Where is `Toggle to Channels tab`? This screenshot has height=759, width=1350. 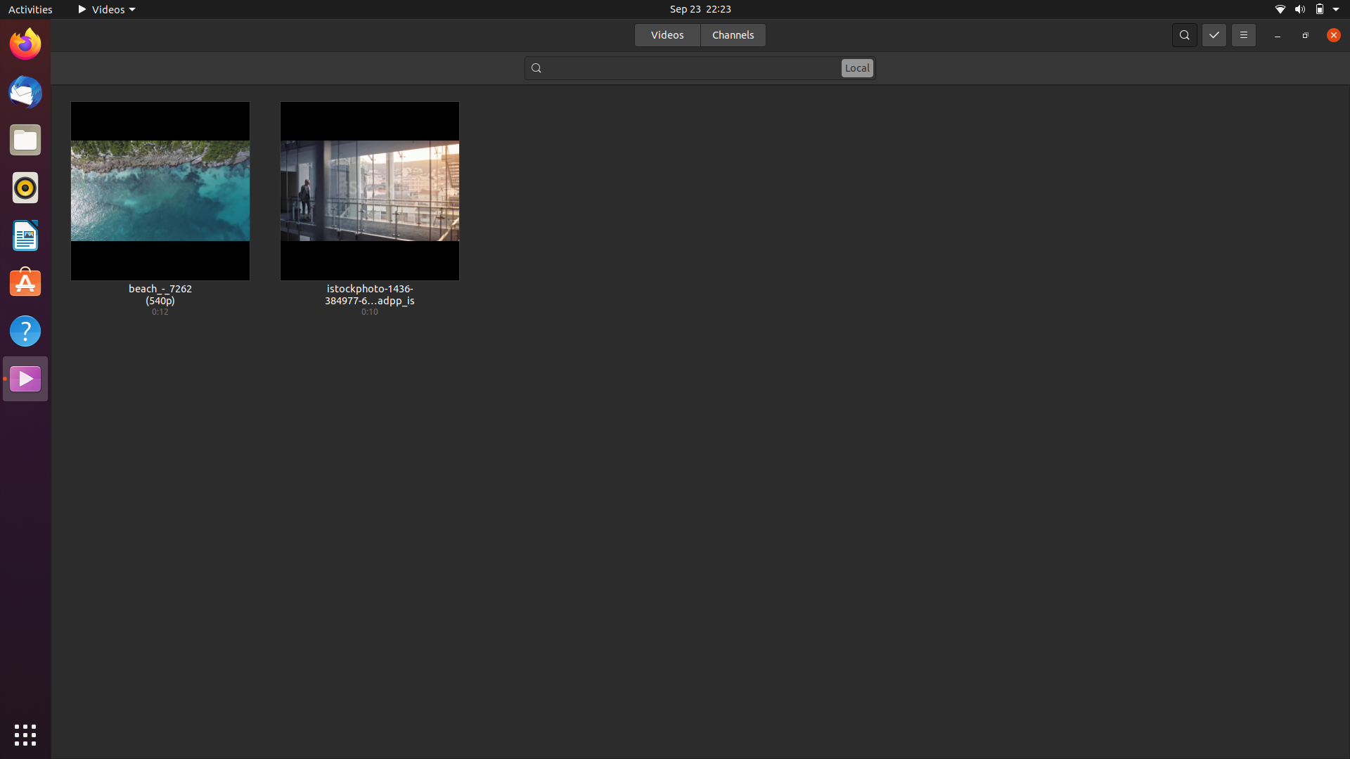
Toggle to Channels tab is located at coordinates (732, 34).